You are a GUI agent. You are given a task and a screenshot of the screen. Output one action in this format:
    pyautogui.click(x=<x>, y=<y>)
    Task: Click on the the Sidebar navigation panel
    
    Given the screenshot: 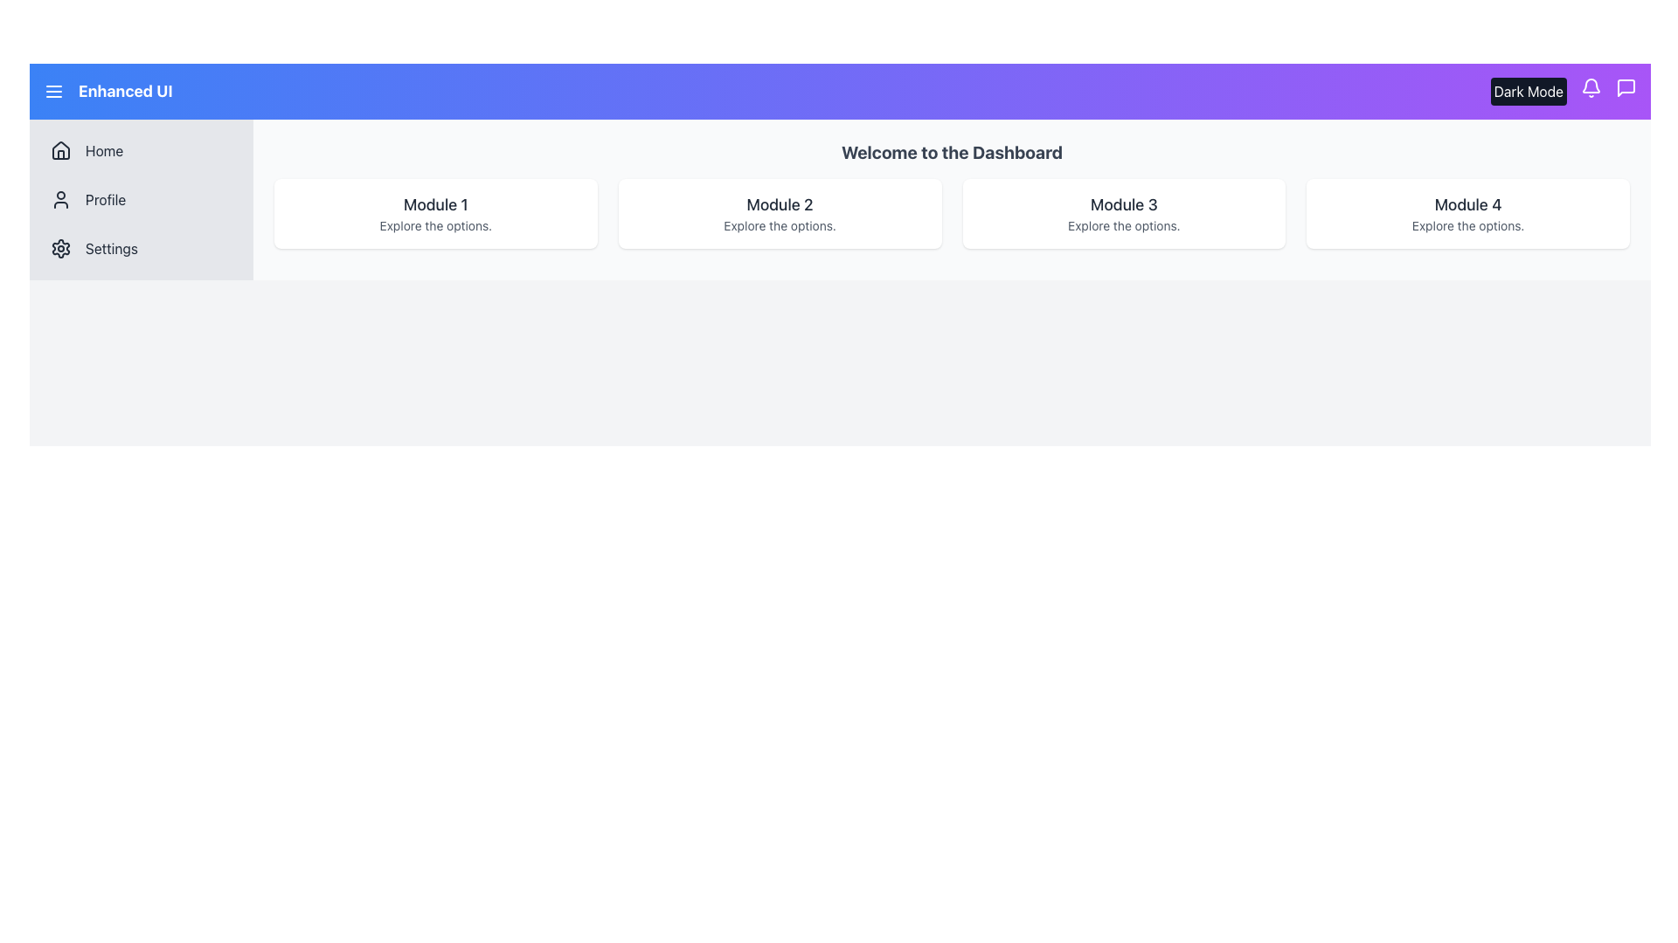 What is the action you would take?
    pyautogui.click(x=142, y=198)
    